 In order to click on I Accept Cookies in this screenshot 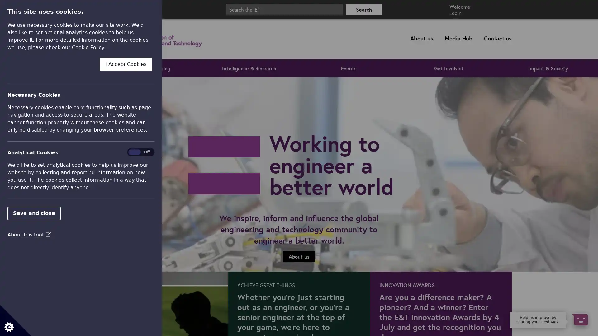, I will do `click(125, 64)`.